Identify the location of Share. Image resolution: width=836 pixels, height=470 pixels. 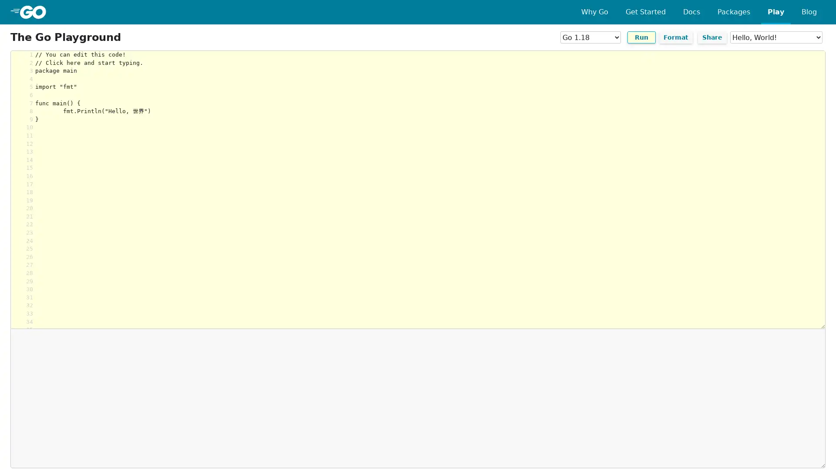
(712, 37).